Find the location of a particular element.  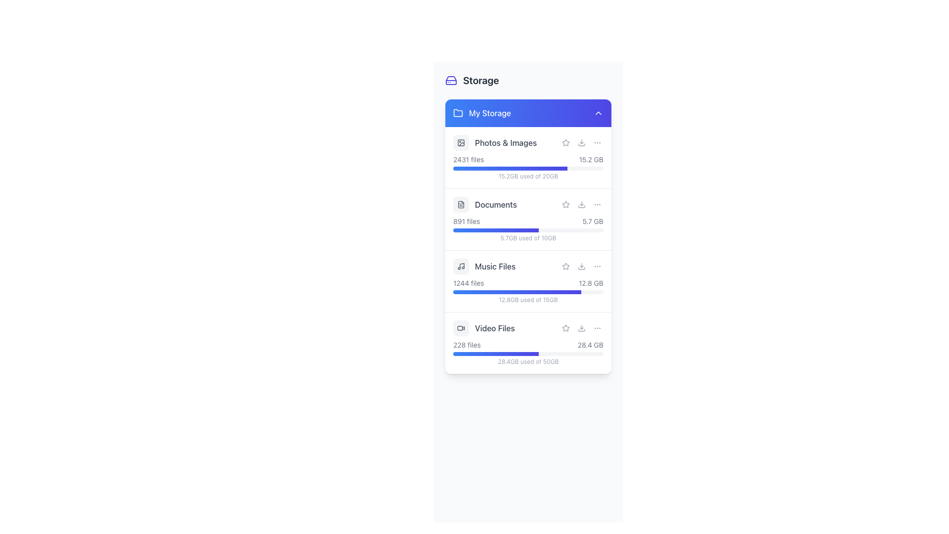

the Text Label displaying the total storage space used by the video files, which is located on the right-hand side of the video files overview, adjacent to the file count and usage bar is located at coordinates (590, 345).